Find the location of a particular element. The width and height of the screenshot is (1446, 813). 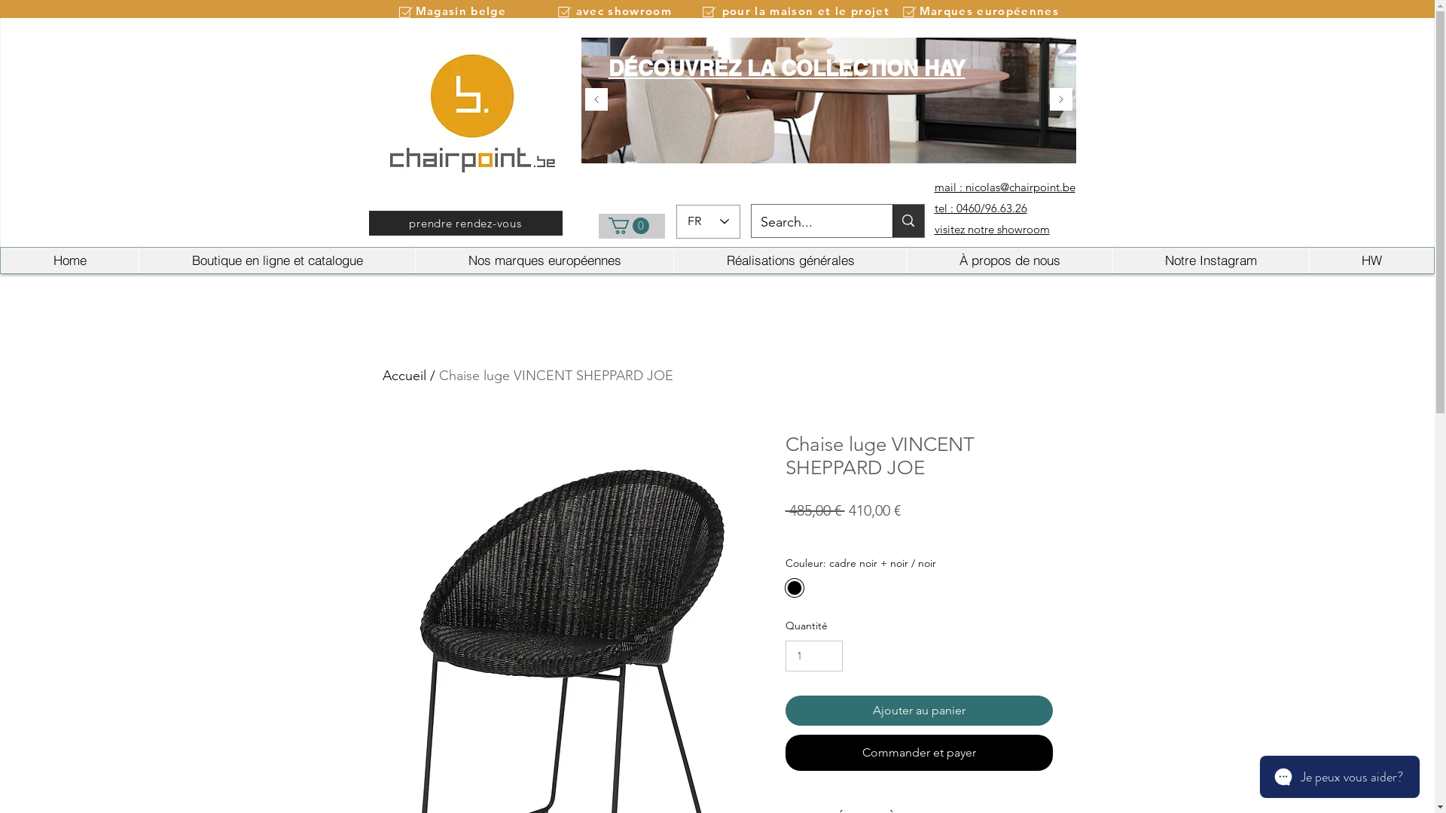

'HW' is located at coordinates (1371, 260).